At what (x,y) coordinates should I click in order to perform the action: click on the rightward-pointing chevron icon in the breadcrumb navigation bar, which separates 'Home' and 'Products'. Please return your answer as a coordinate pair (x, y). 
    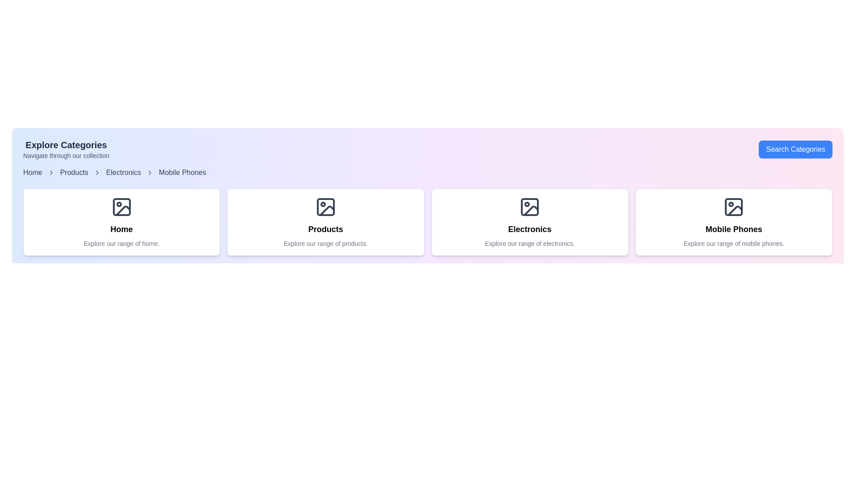
    Looking at the image, I should click on (97, 172).